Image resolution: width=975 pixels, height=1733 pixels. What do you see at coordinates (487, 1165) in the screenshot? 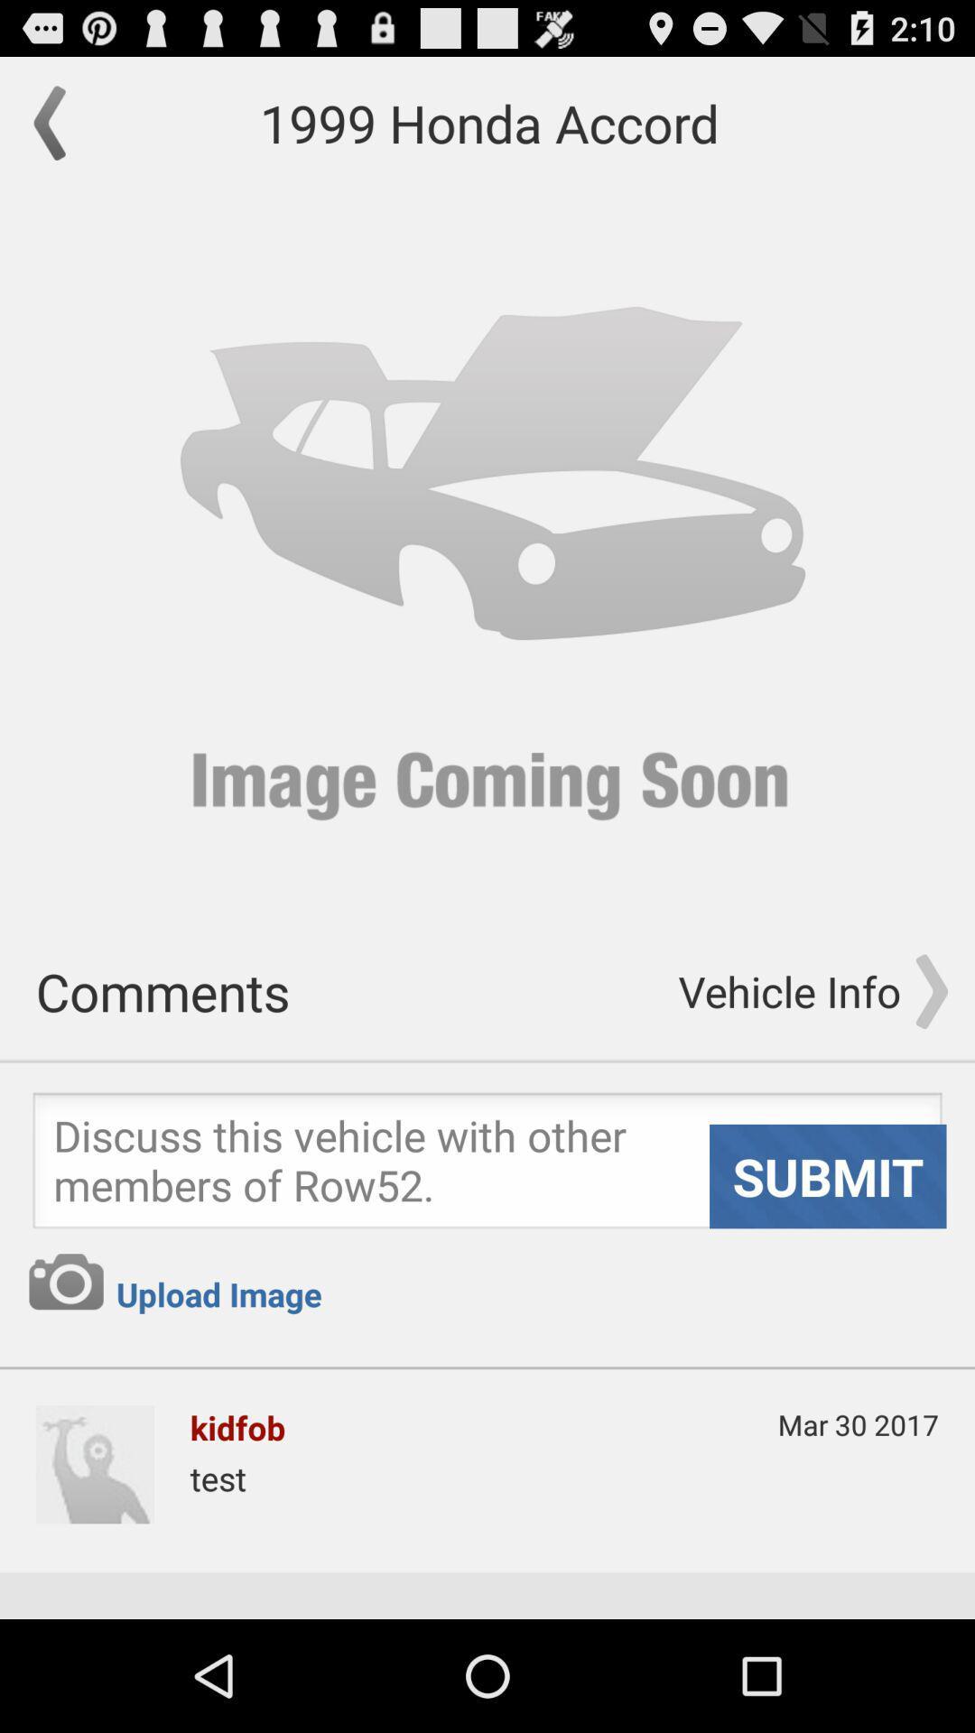
I see `submit` at bounding box center [487, 1165].